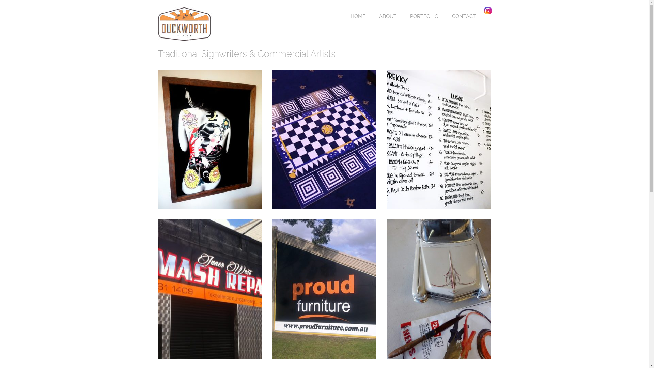  I want to click on 'ABOUT', so click(388, 16).